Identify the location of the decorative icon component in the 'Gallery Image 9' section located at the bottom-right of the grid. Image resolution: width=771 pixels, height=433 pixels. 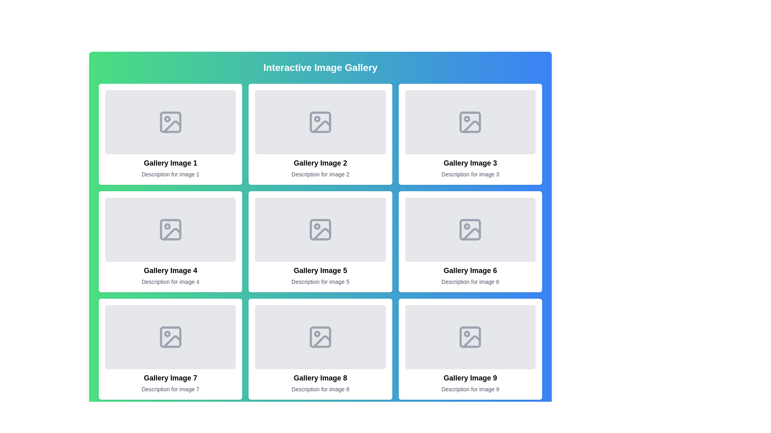
(470, 337).